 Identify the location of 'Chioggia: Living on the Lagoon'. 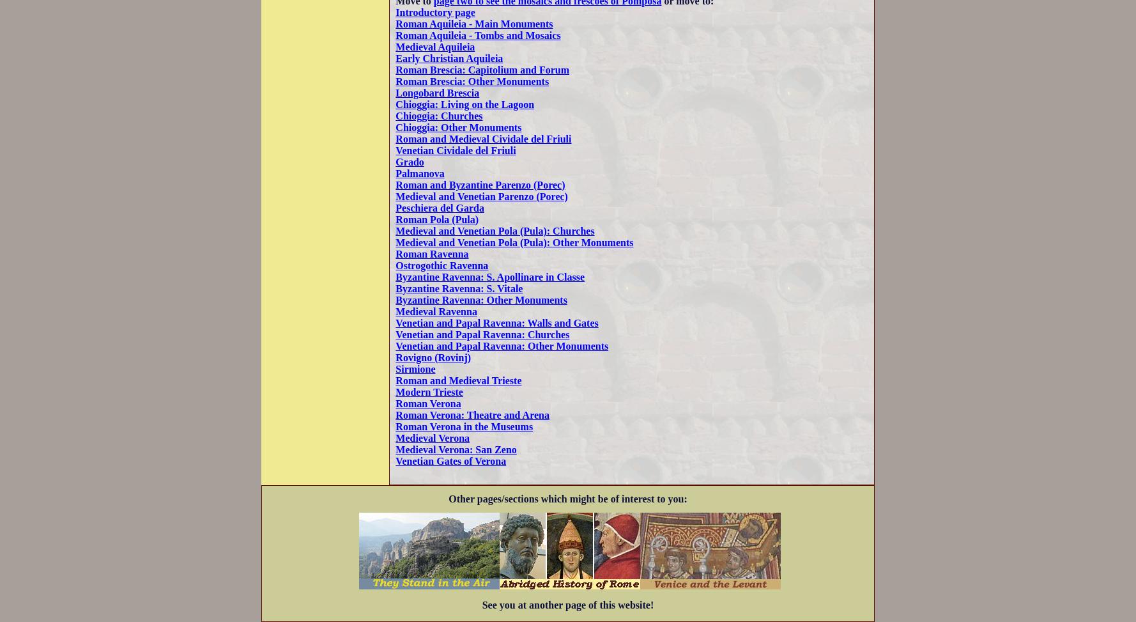
(464, 104).